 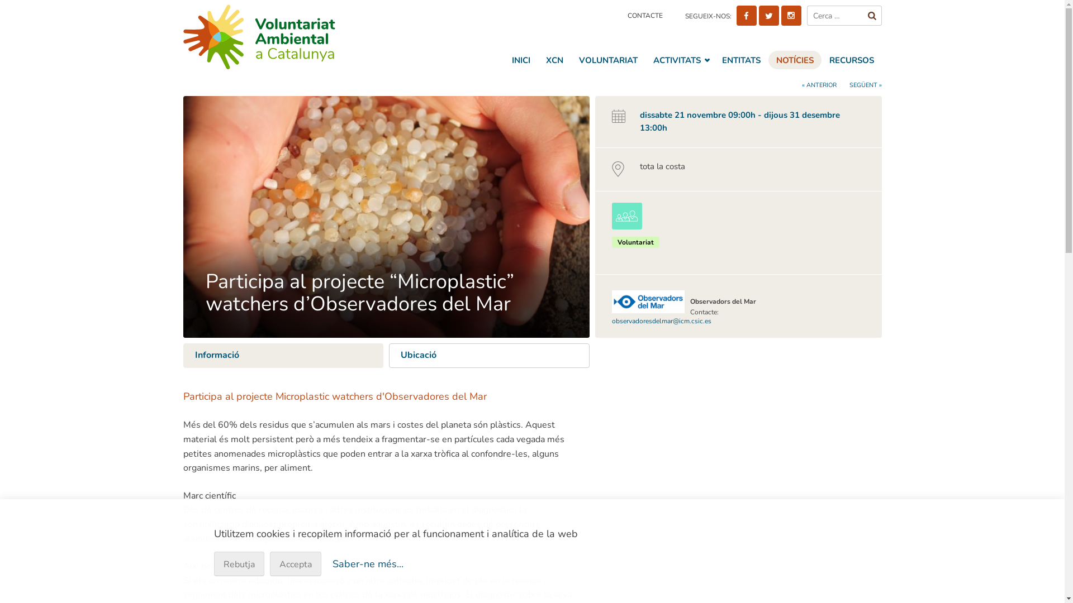 I want to click on 'Facebook', so click(x=746, y=15).